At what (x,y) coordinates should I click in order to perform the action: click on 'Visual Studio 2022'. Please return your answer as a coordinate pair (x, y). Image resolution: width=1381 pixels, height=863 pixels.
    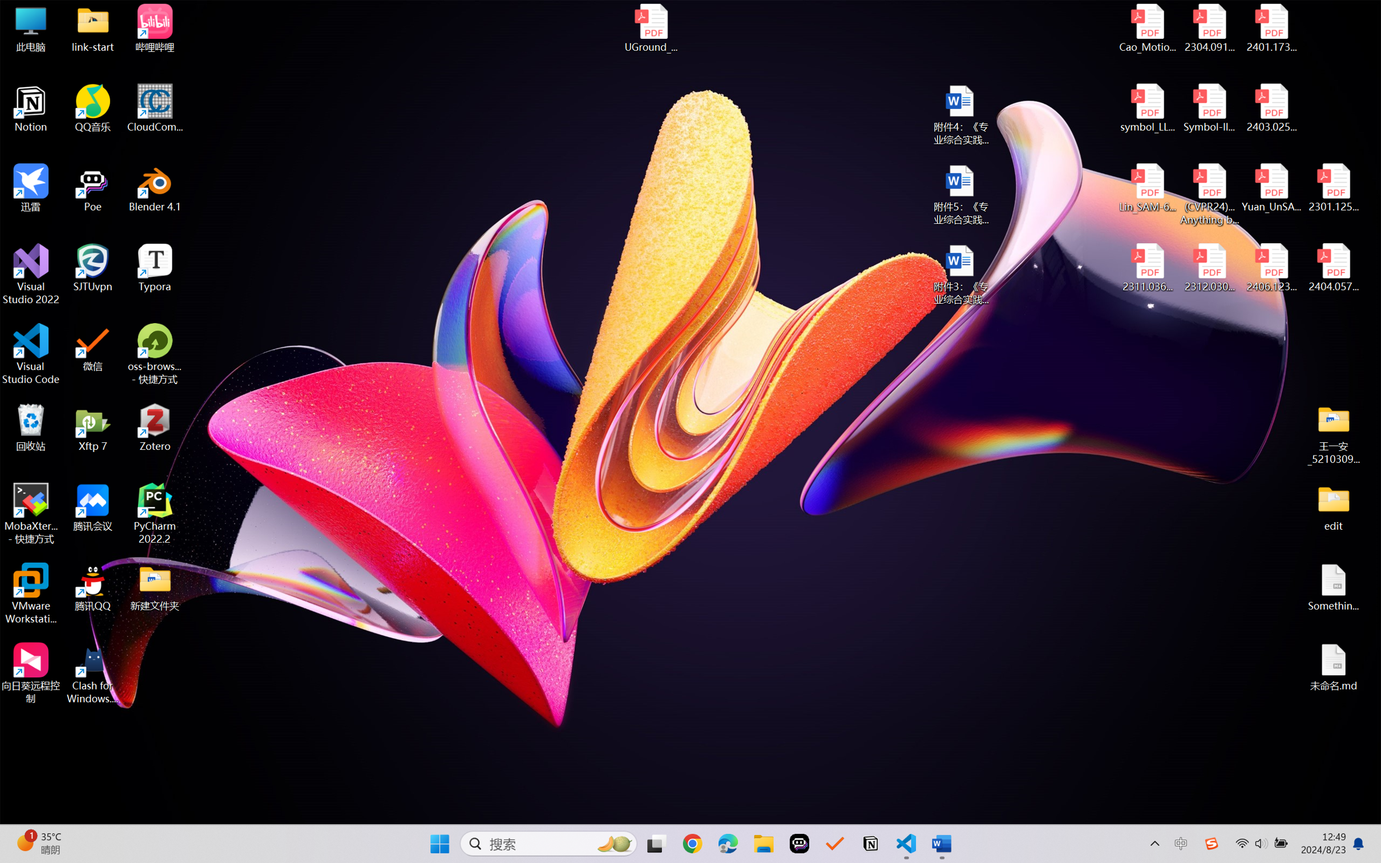
    Looking at the image, I should click on (30, 275).